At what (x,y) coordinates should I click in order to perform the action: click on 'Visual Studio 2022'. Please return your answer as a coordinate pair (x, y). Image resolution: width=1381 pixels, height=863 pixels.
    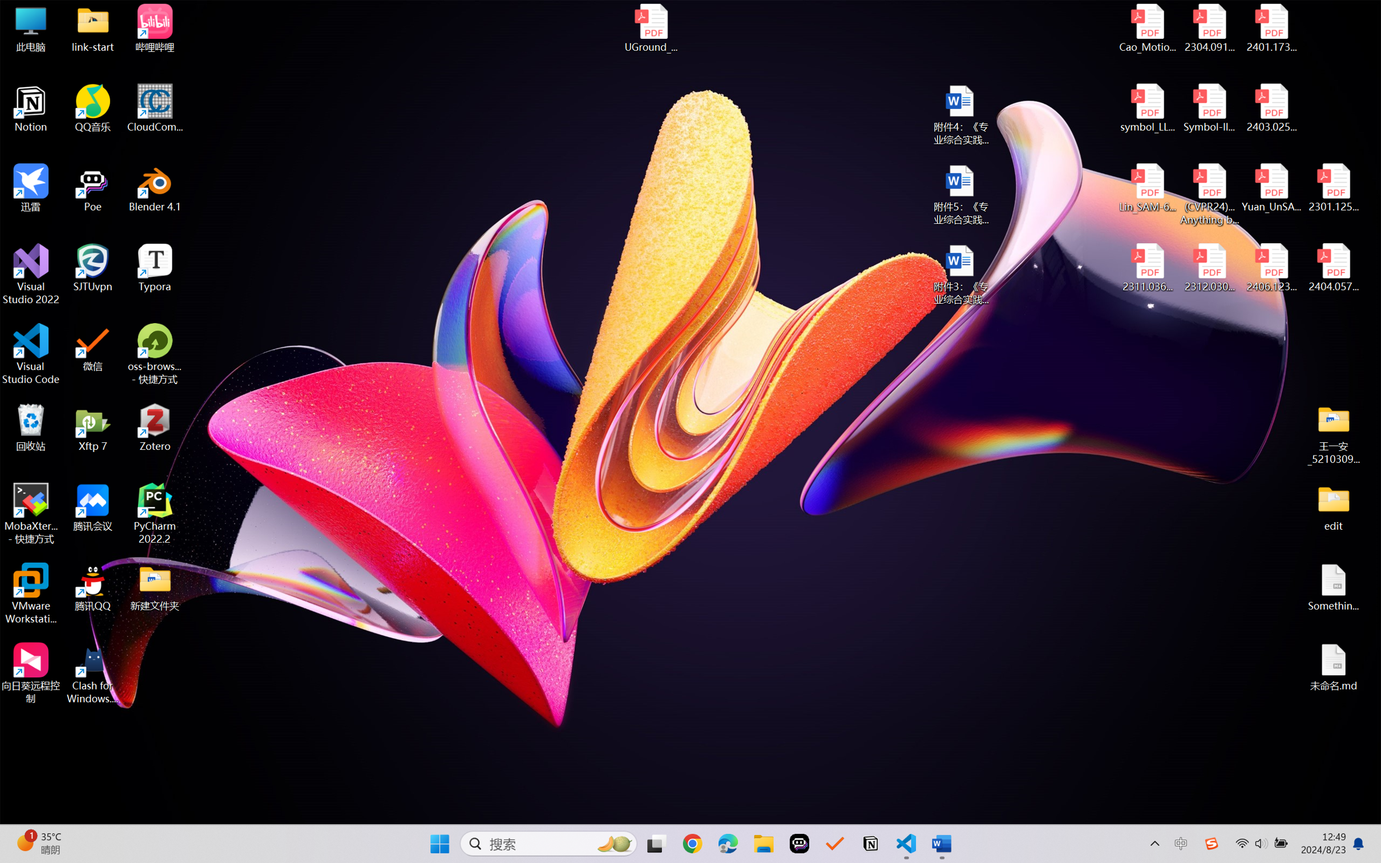
    Looking at the image, I should click on (30, 275).